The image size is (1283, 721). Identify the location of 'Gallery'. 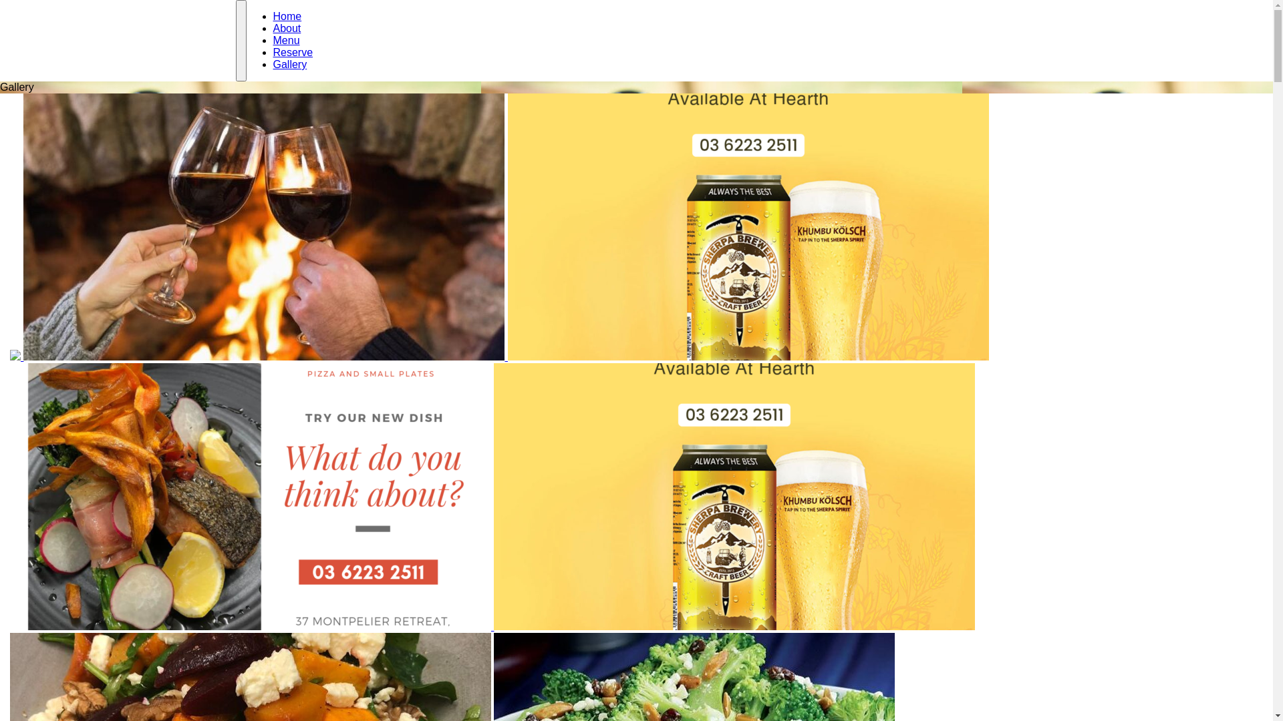
(289, 64).